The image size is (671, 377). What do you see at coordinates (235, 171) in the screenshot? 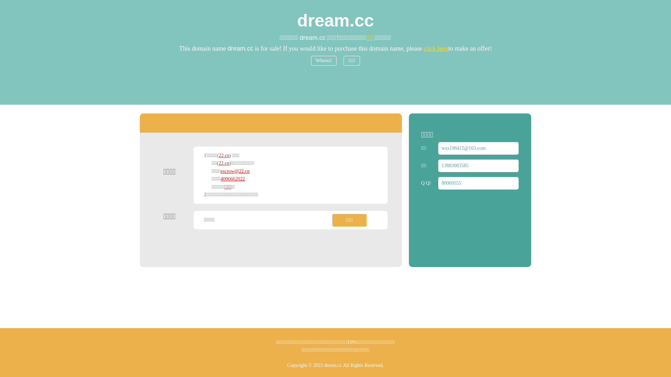
I see `'escrow@22.cn'` at bounding box center [235, 171].